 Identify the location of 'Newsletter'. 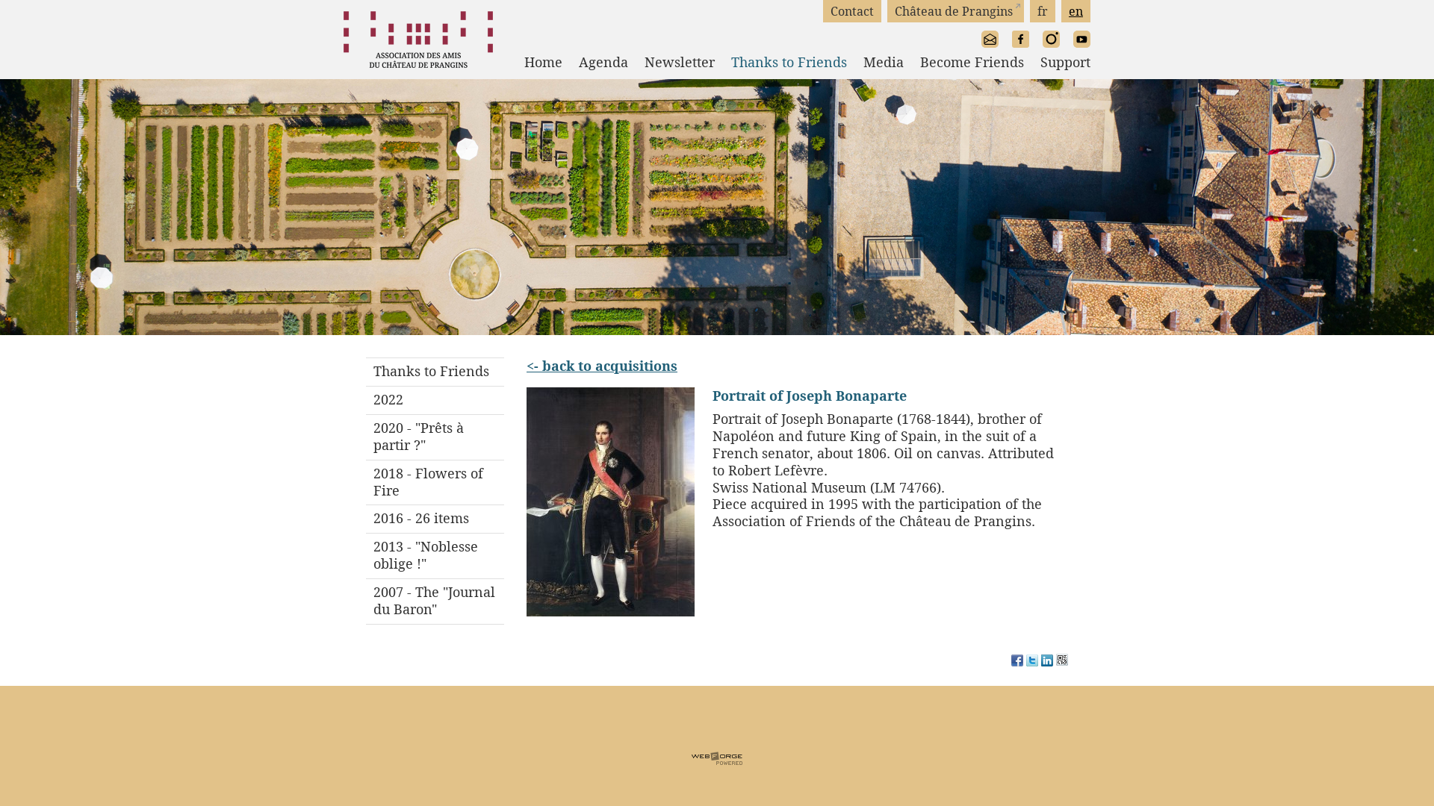
(627, 62).